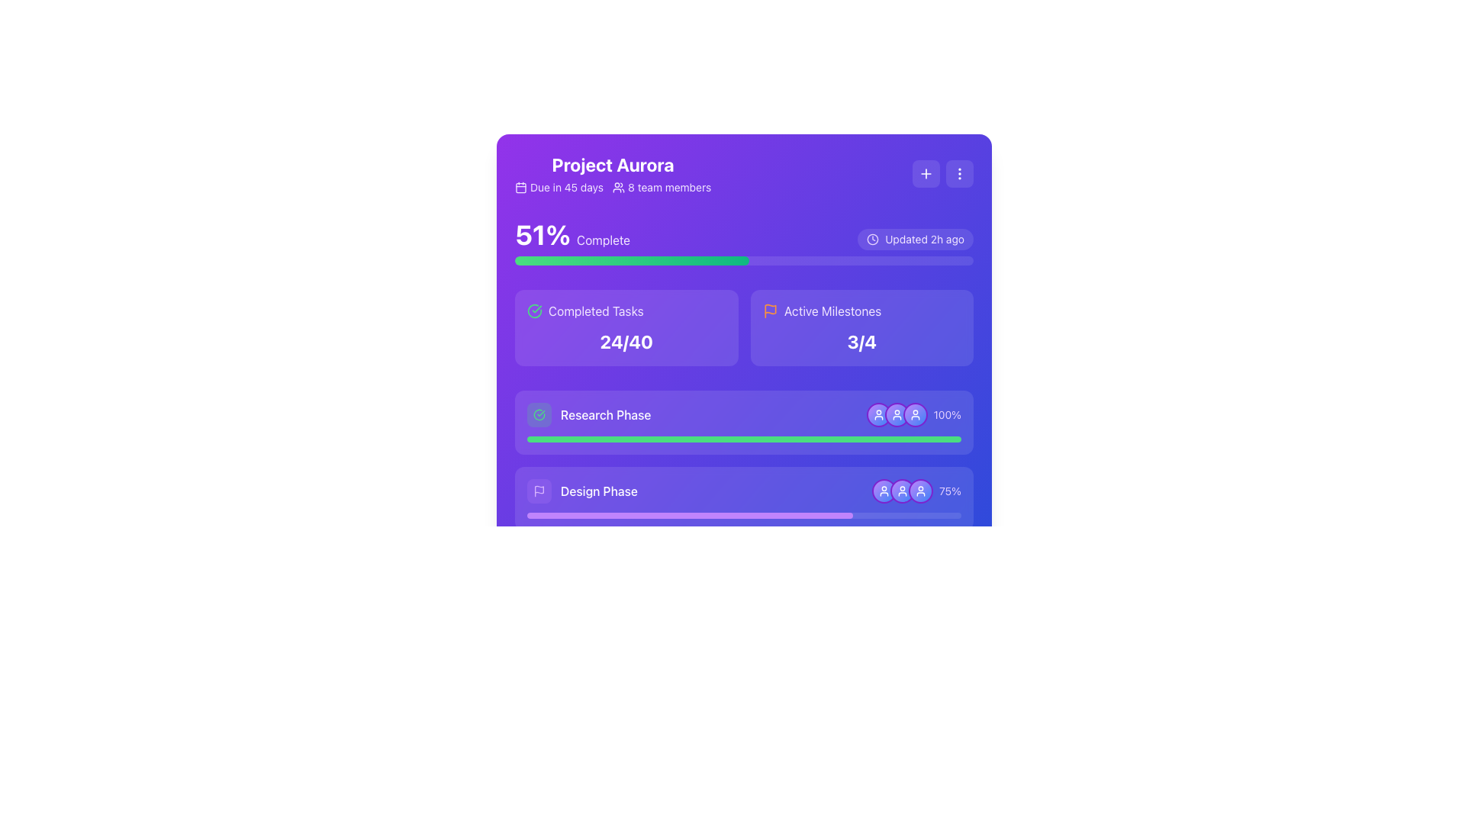  What do you see at coordinates (744, 241) in the screenshot?
I see `the progress bar component that displays the current completion percentage and last update information, located below the main project title and description in the project overview card` at bounding box center [744, 241].